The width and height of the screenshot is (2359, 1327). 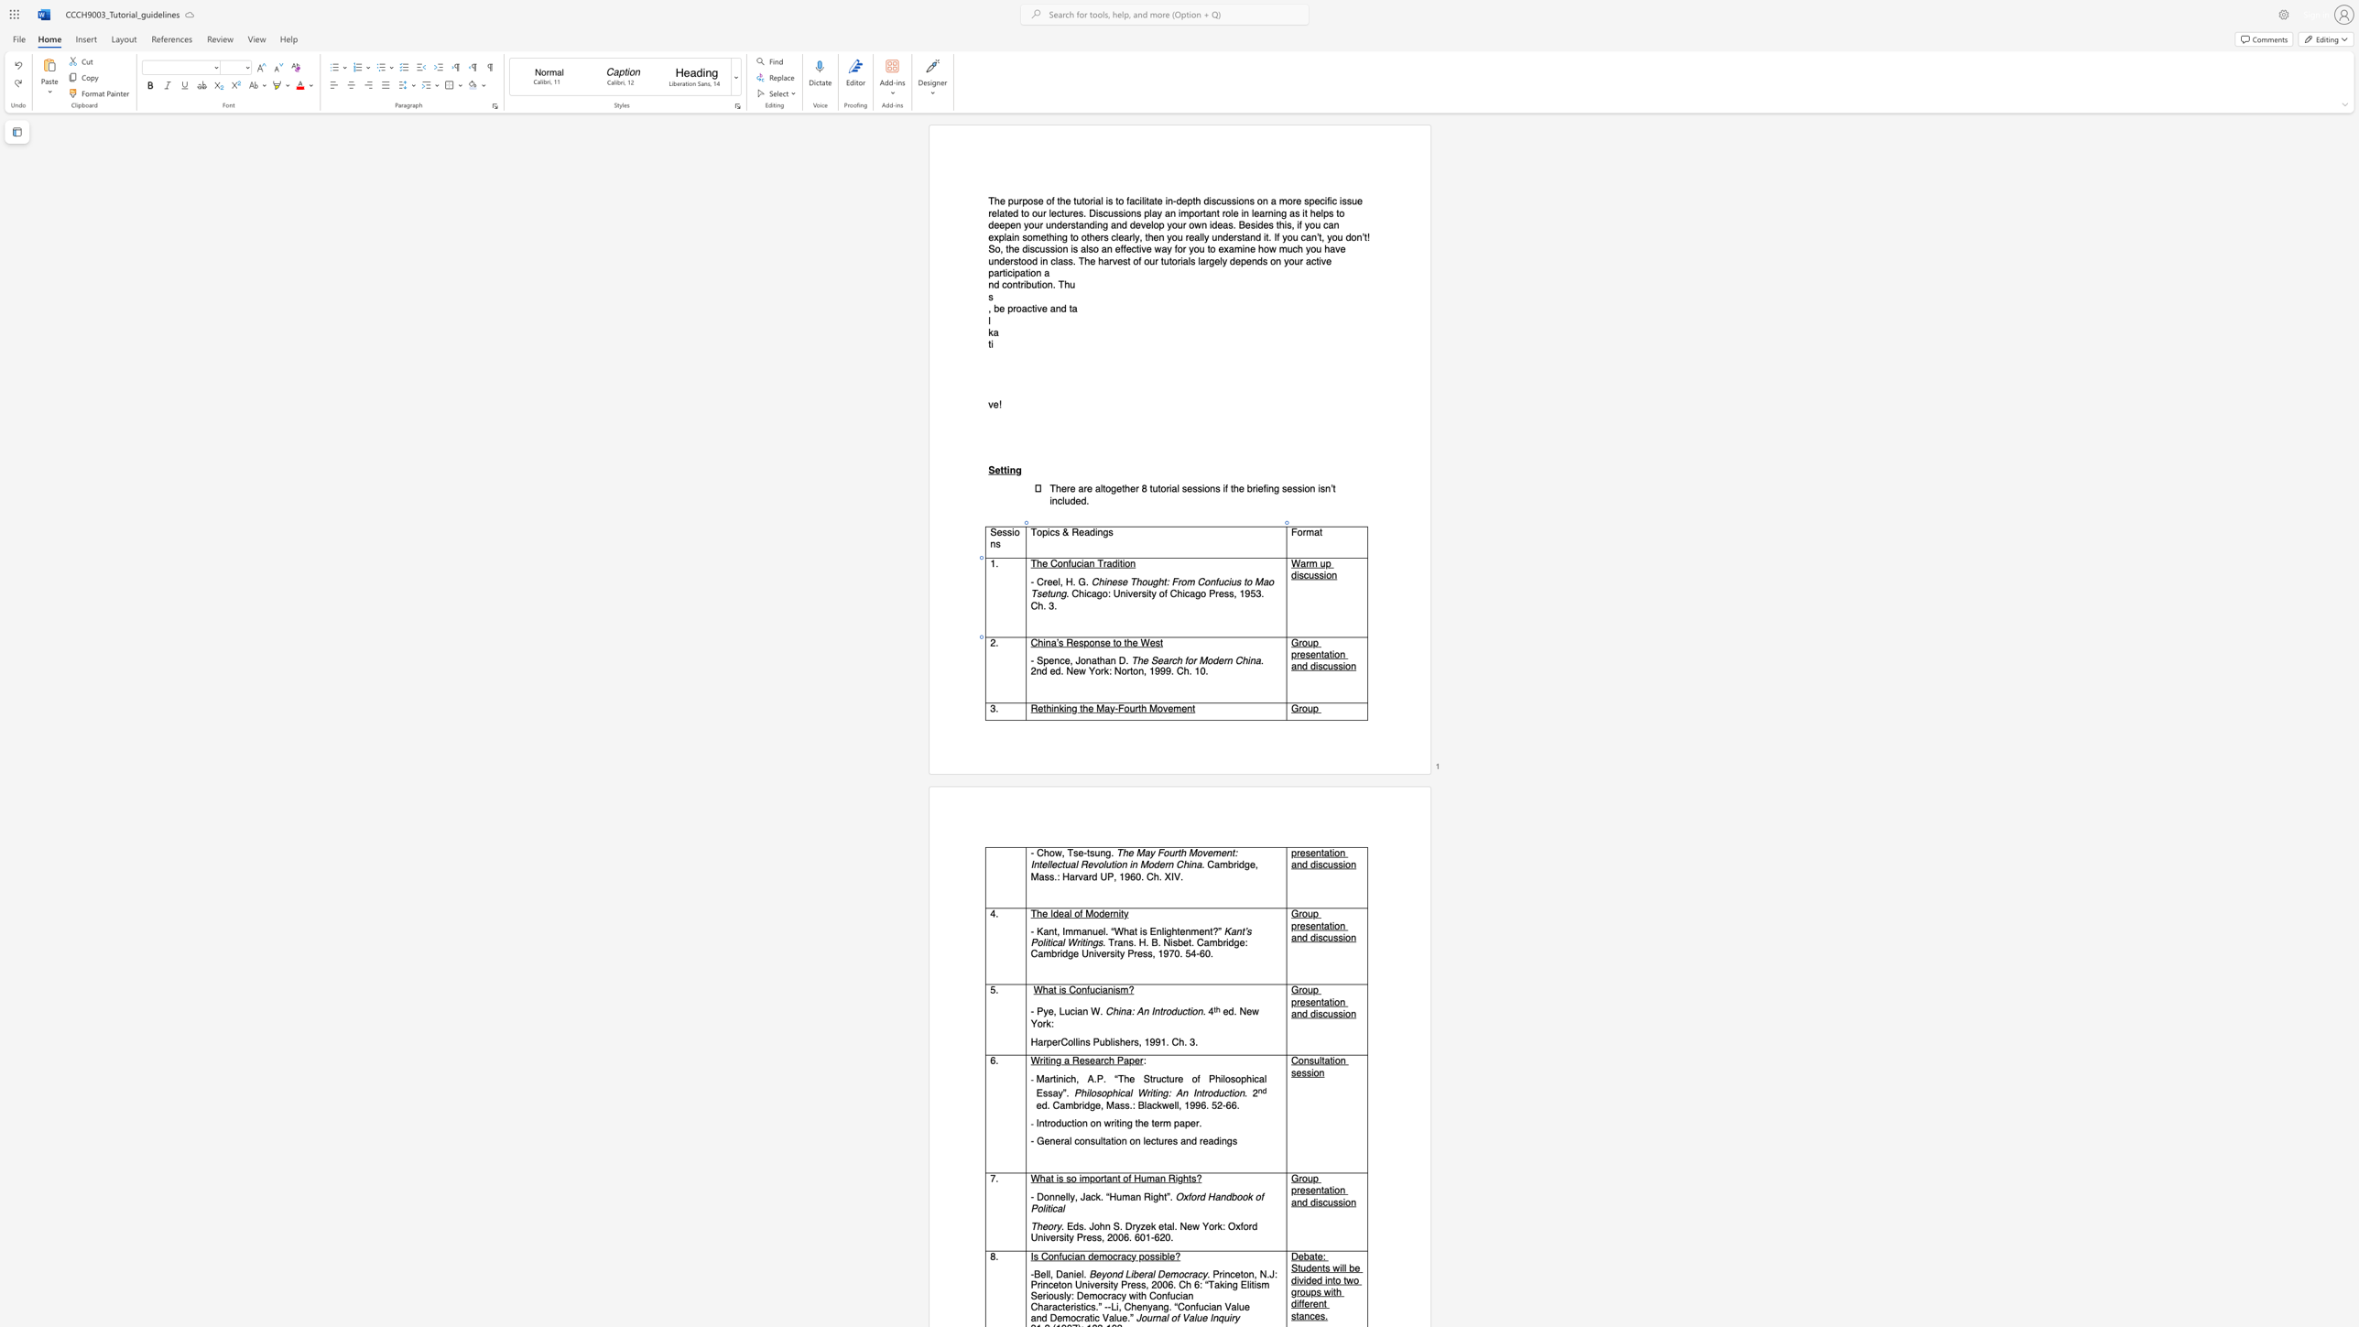 What do you see at coordinates (1059, 582) in the screenshot?
I see `the 1th character "l" in the text` at bounding box center [1059, 582].